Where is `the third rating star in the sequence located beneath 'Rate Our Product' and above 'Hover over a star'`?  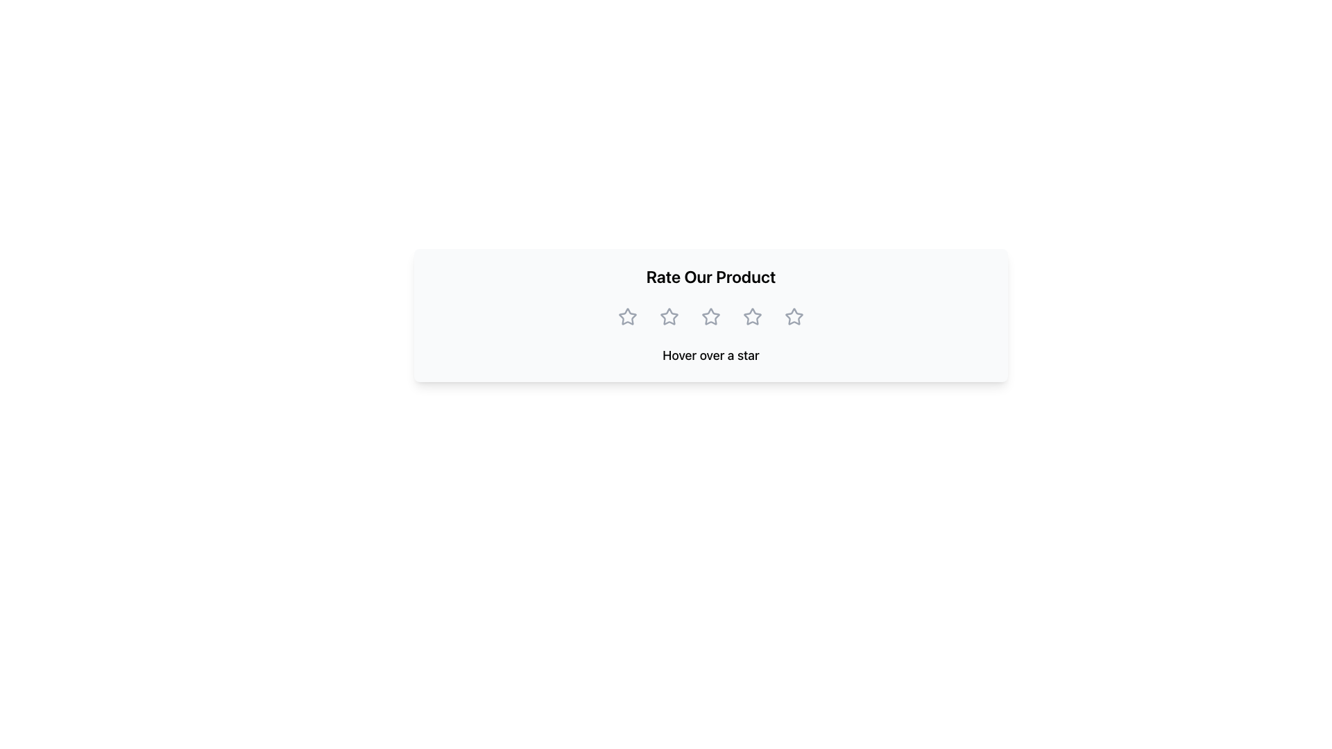 the third rating star in the sequence located beneath 'Rate Our Product' and above 'Hover over a star' is located at coordinates (751, 316).